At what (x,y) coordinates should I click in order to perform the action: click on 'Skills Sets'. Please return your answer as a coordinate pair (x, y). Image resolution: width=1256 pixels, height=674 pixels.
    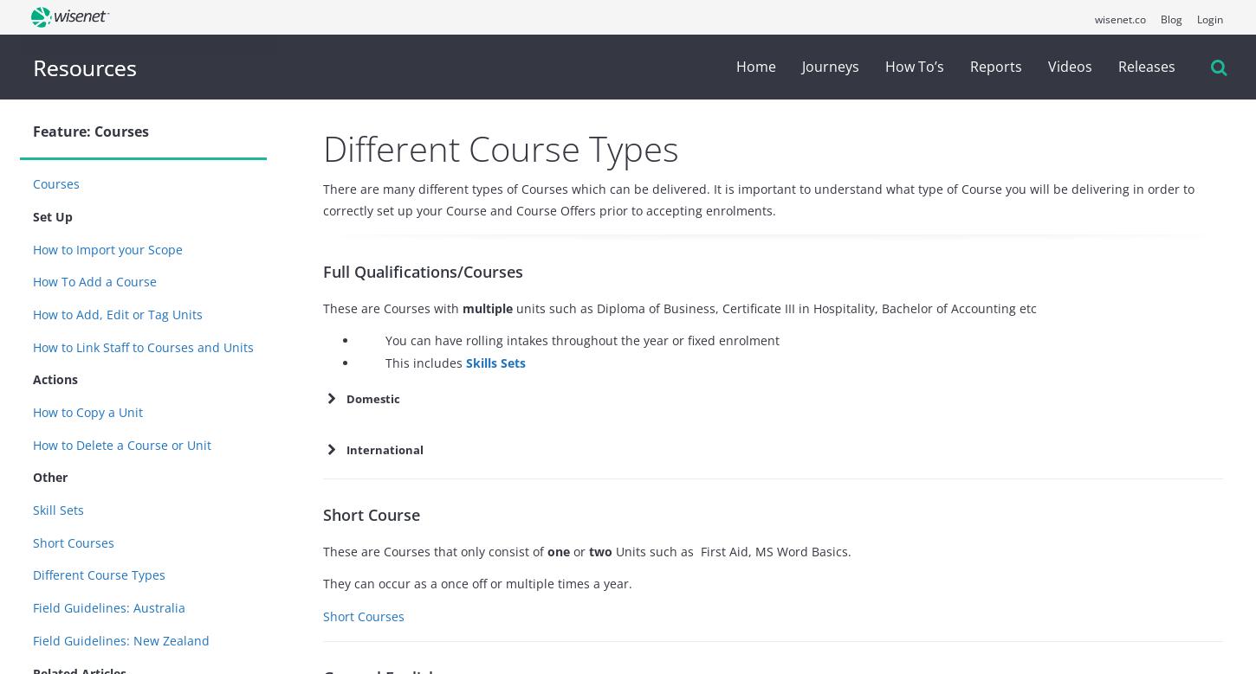
    Looking at the image, I should click on (495, 361).